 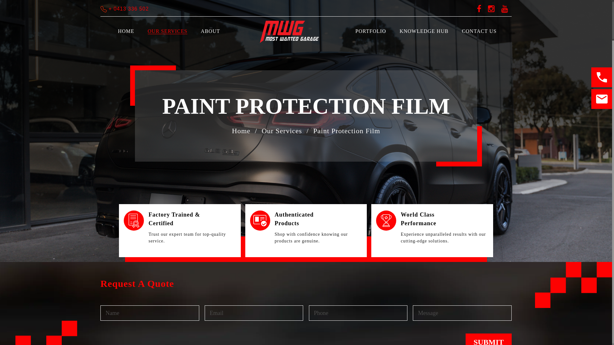 What do you see at coordinates (281, 130) in the screenshot?
I see `'Our Services'` at bounding box center [281, 130].